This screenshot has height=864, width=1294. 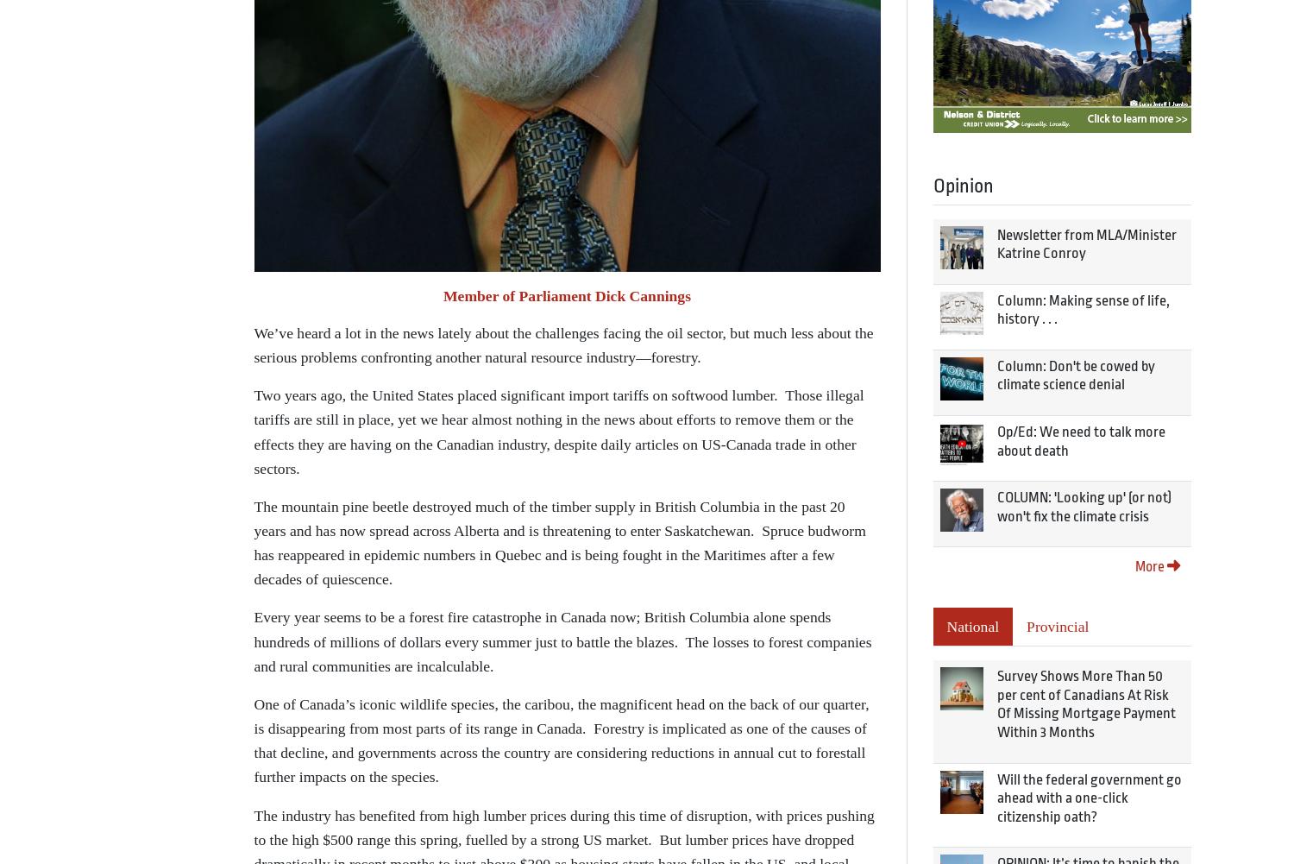 What do you see at coordinates (581, 510) in the screenshot?
I see `'Privacy Policy'` at bounding box center [581, 510].